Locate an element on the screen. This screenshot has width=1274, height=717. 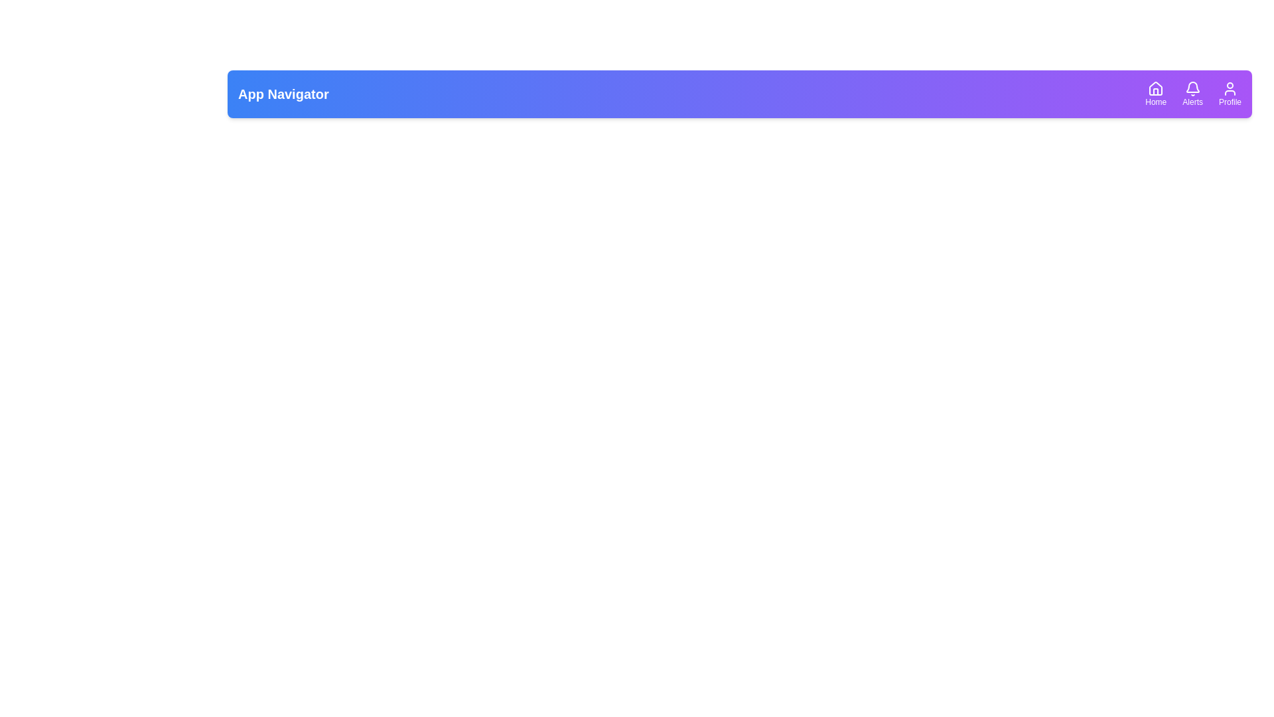
the house icon with a triangular roof and purple gradient fill, located in the top-right navigation bar, immediately left of the 'Home' text is located at coordinates (1155, 88).